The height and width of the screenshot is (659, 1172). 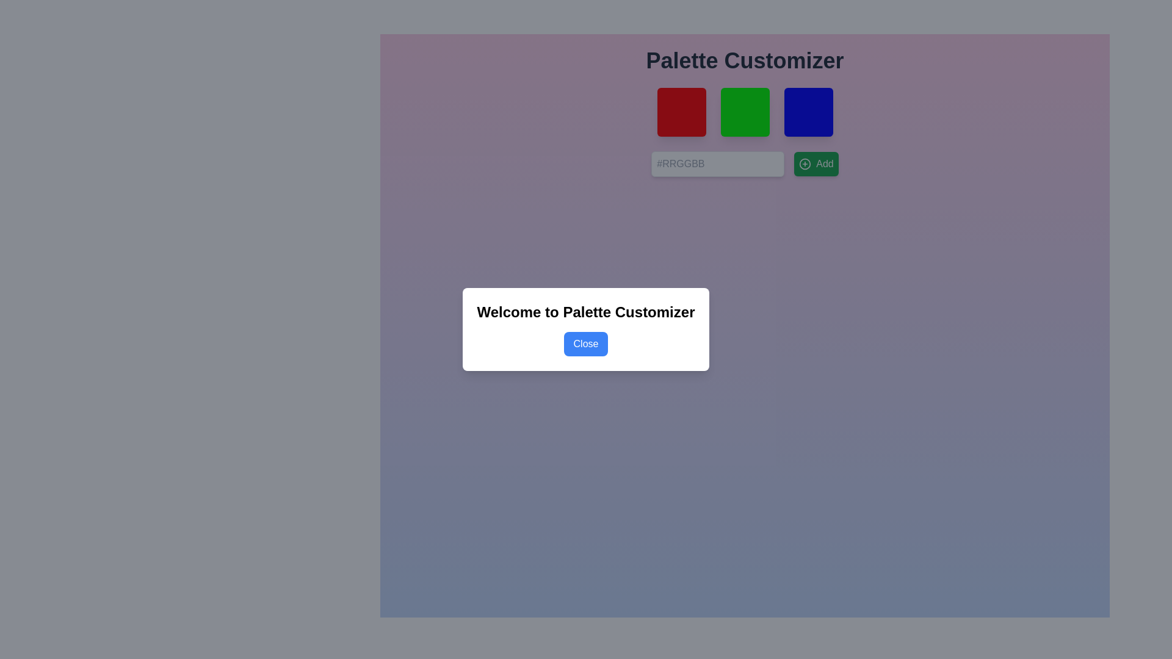 What do you see at coordinates (805, 164) in the screenshot?
I see `the 'Add' button which contains a circular icon with a plus sign (+) on a green background, located in the top-right section of the interface` at bounding box center [805, 164].